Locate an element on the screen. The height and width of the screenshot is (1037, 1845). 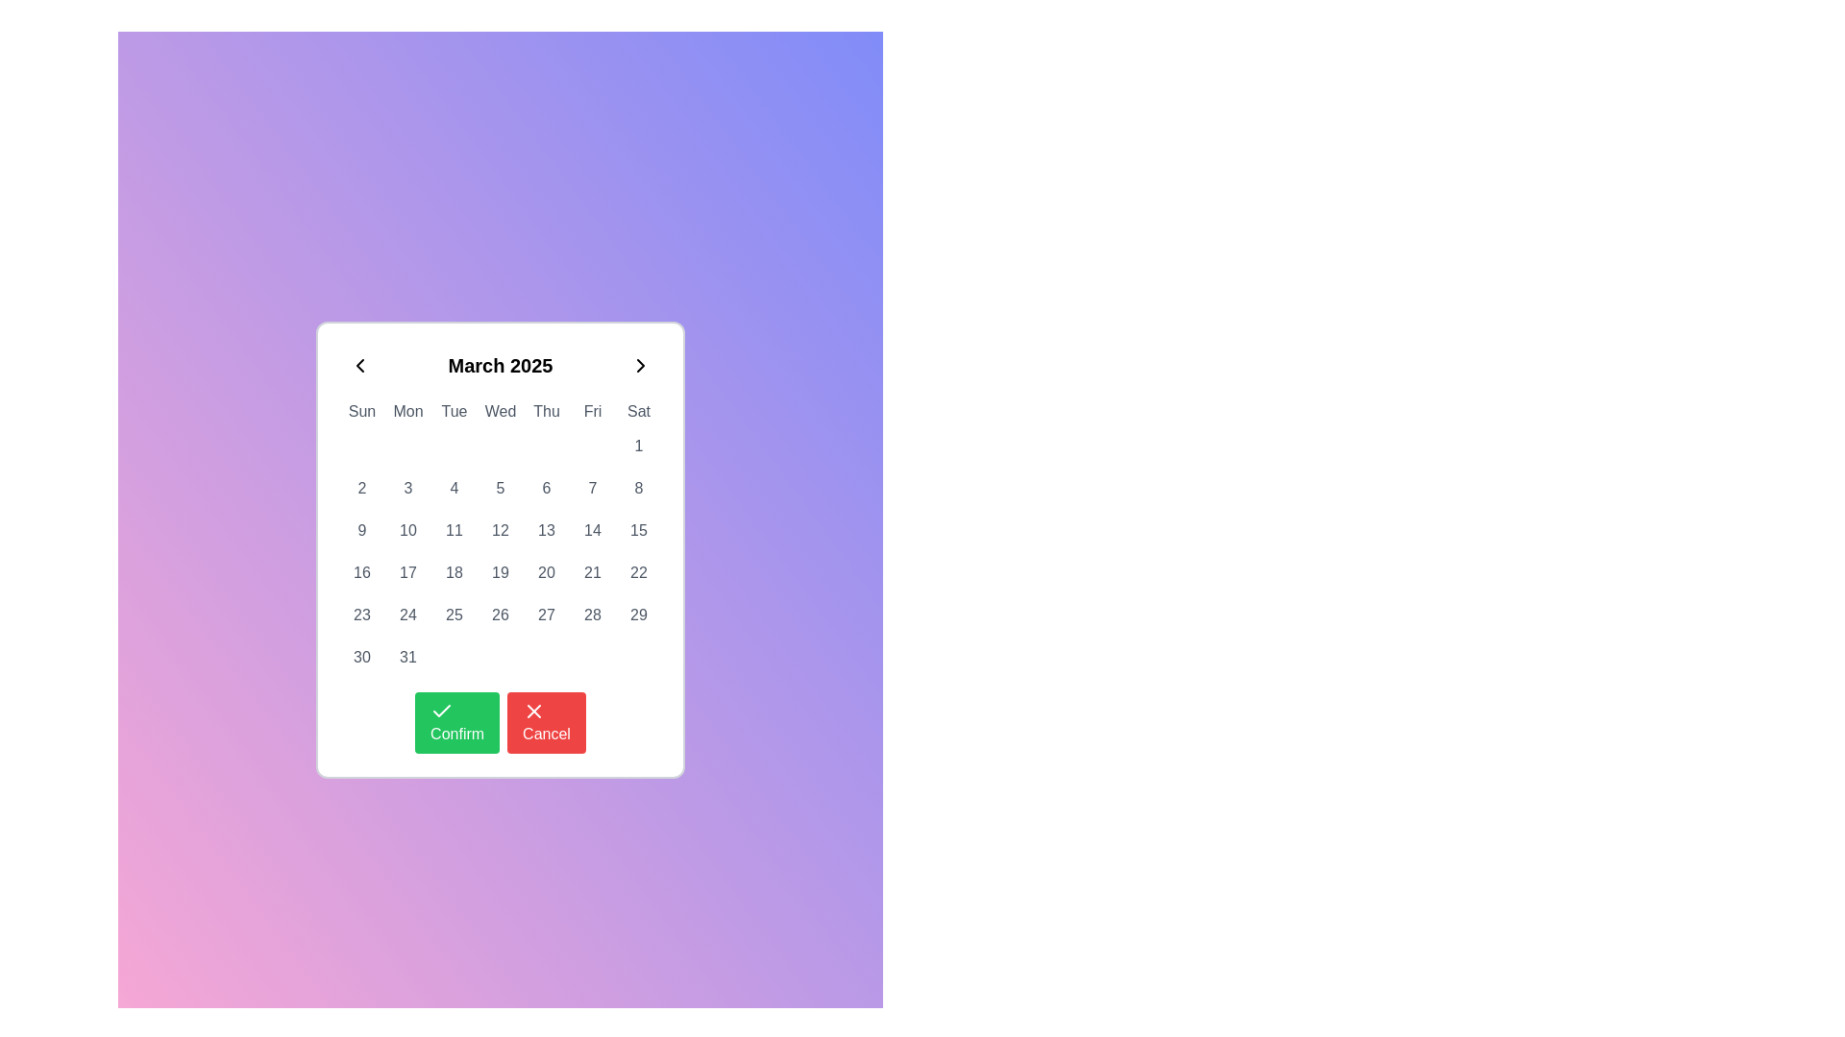
the small circular marker positioned in the Tuesday cell of the calendar grid is located at coordinates (454, 446).